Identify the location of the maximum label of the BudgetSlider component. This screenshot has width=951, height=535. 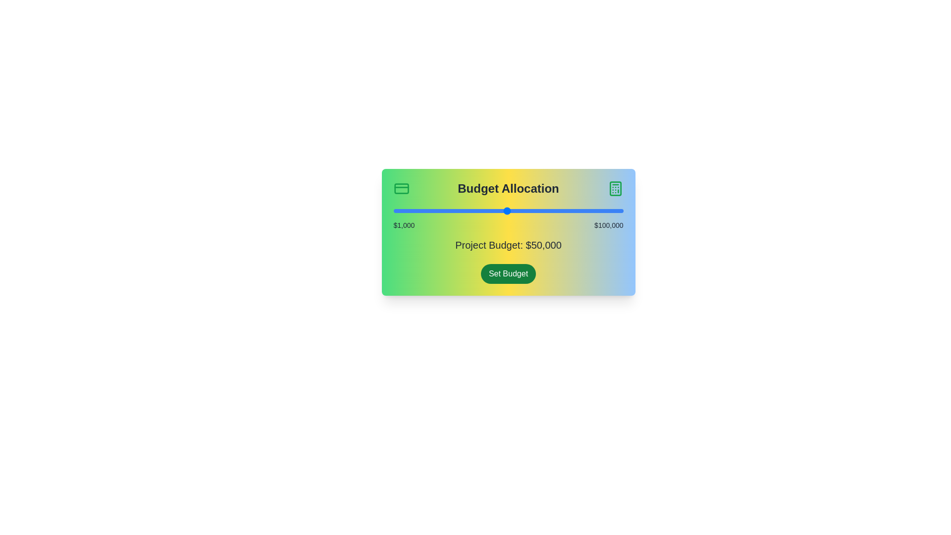
(608, 225).